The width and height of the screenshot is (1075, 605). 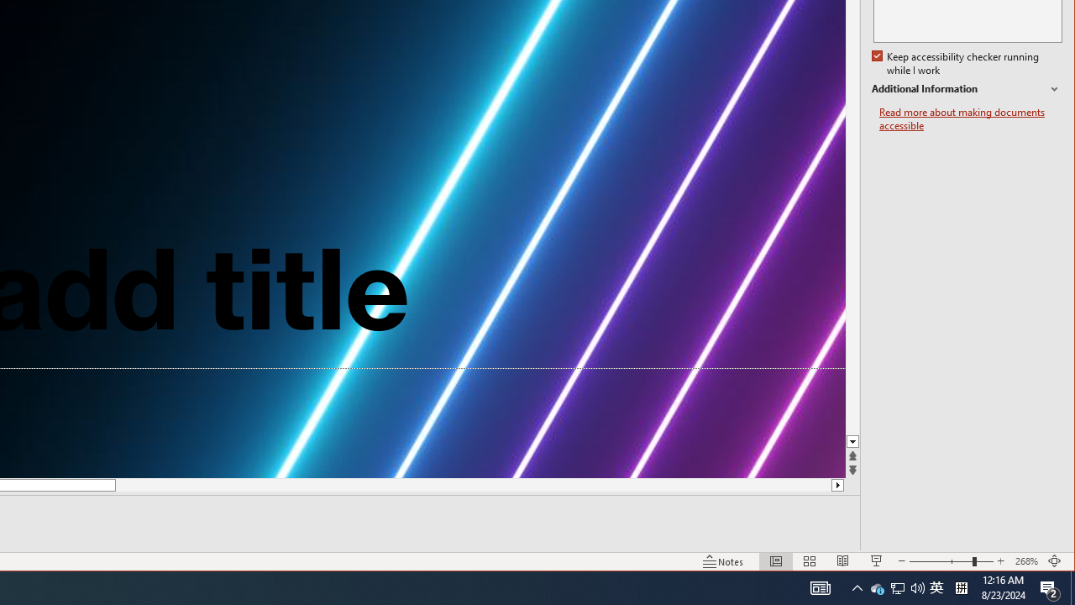 What do you see at coordinates (1050, 587) in the screenshot?
I see `'Action Center, 2 new notifications'` at bounding box center [1050, 587].